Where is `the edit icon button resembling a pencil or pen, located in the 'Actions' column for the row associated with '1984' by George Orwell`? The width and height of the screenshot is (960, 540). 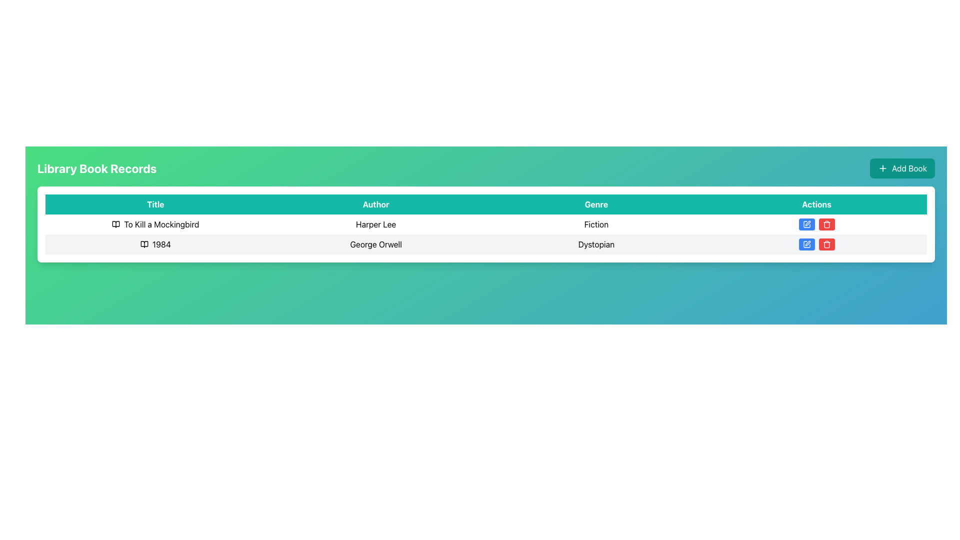
the edit icon button resembling a pencil or pen, located in the 'Actions' column for the row associated with '1984' by George Orwell is located at coordinates (806, 244).